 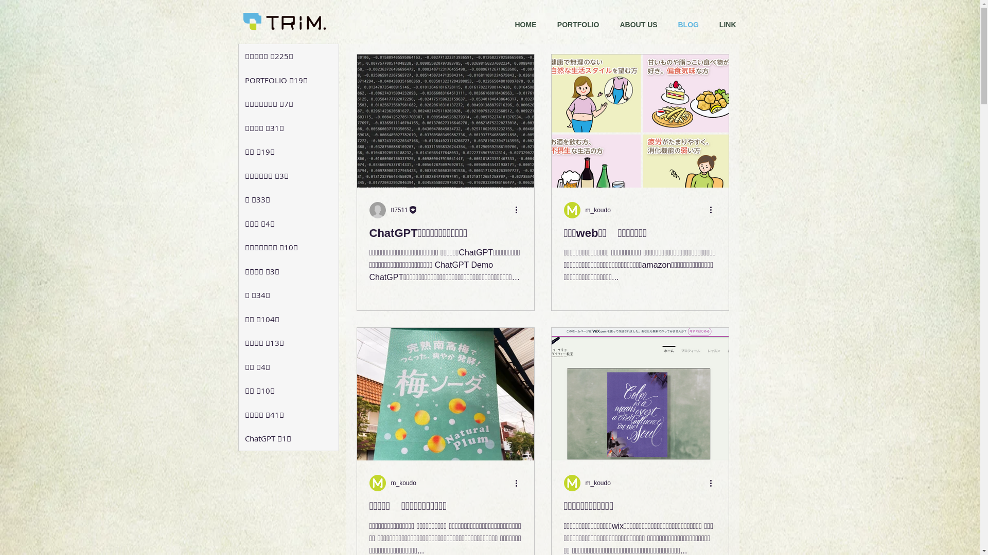 I want to click on 'HOME', so click(x=525, y=24).